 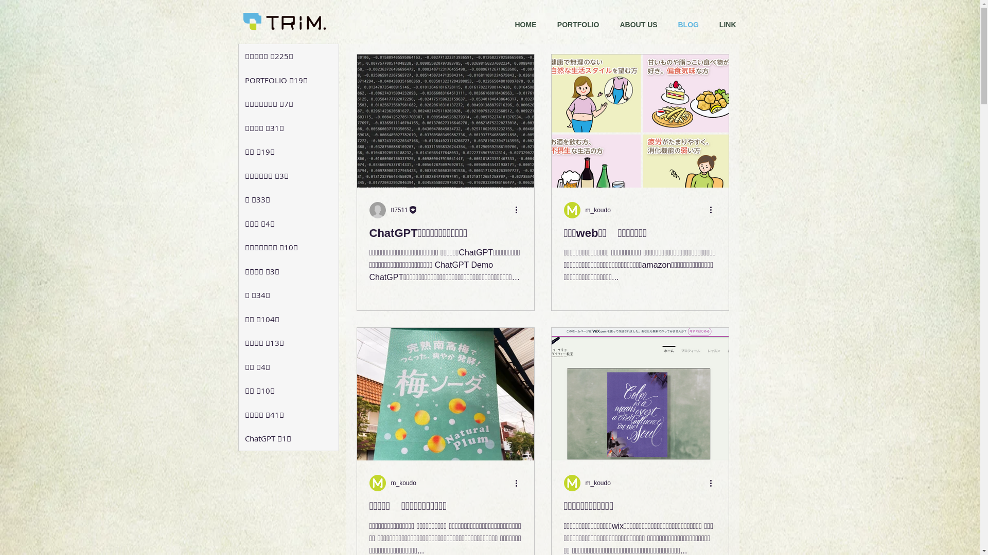 I want to click on 'HOME', so click(x=525, y=24).